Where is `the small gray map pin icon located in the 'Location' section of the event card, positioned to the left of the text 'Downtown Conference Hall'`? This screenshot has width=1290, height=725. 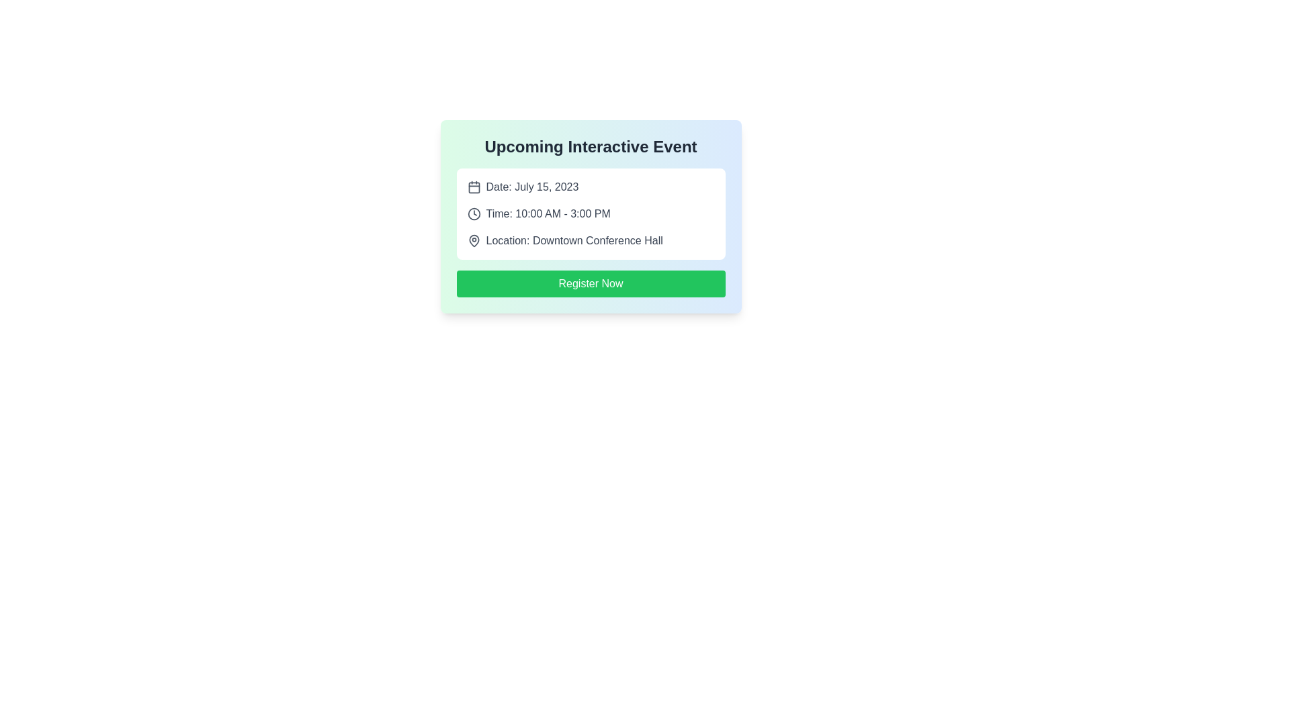 the small gray map pin icon located in the 'Location' section of the event card, positioned to the left of the text 'Downtown Conference Hall' is located at coordinates (474, 240).